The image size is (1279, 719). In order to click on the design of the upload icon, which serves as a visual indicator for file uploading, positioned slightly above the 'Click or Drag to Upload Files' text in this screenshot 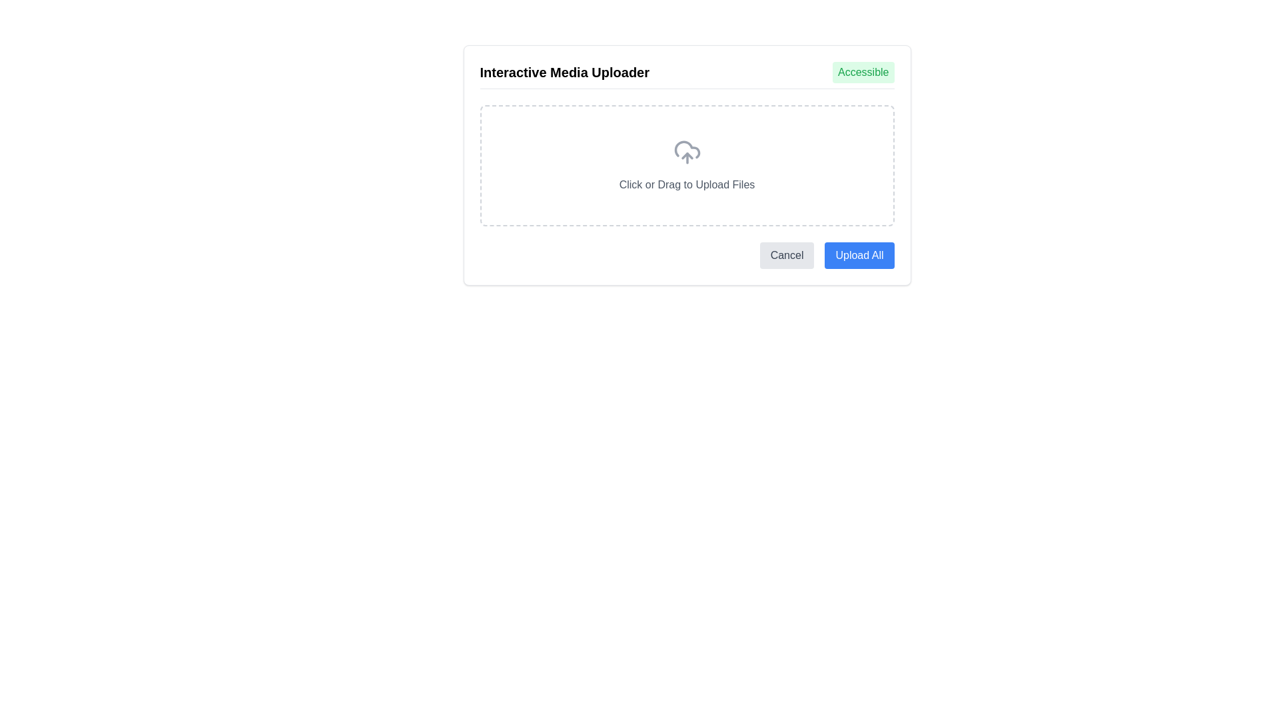, I will do `click(687, 151)`.